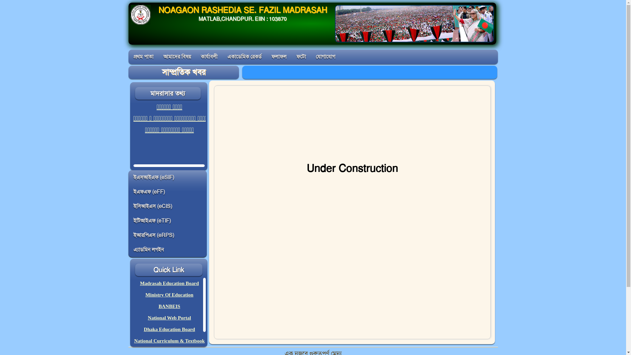 This screenshot has height=355, width=631. I want to click on 'National Web Portal', so click(148, 318).